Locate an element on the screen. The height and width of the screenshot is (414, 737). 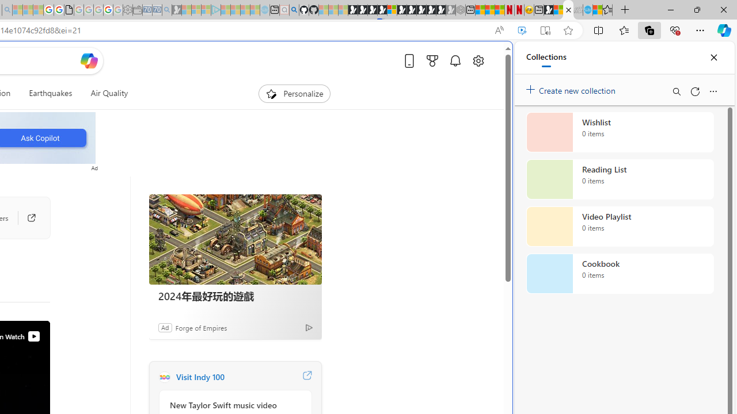
'google_privacy_policy_zh-CN.pdf' is located at coordinates (68, 10).